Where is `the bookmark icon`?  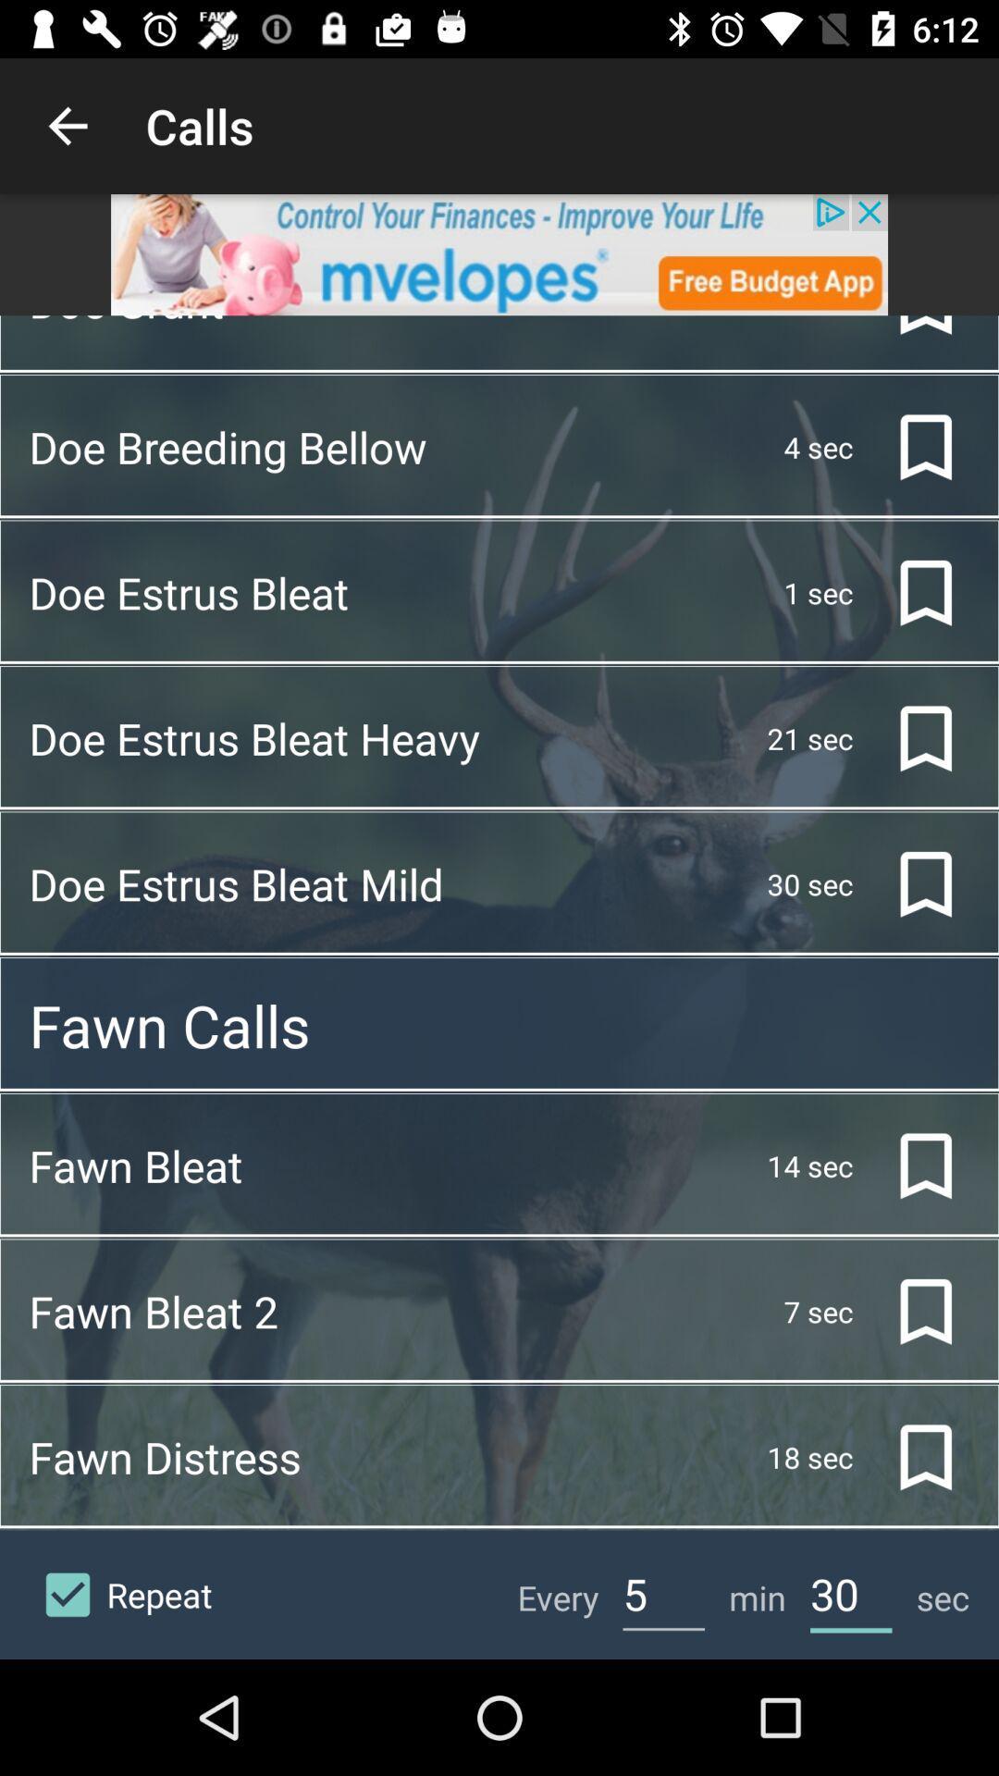
the bookmark icon is located at coordinates (910, 330).